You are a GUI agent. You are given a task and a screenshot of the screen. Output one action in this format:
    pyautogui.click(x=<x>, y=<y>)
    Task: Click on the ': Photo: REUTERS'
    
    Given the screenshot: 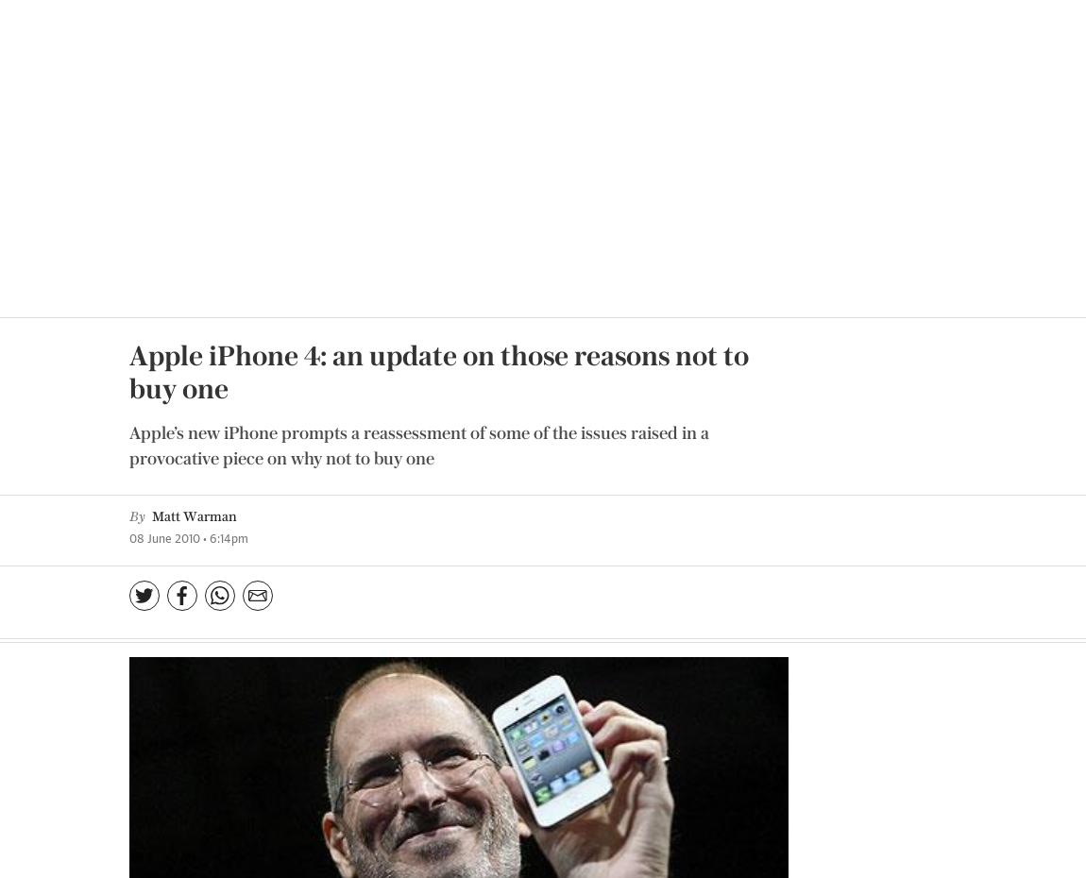 What is the action you would take?
    pyautogui.click(x=720, y=347)
    